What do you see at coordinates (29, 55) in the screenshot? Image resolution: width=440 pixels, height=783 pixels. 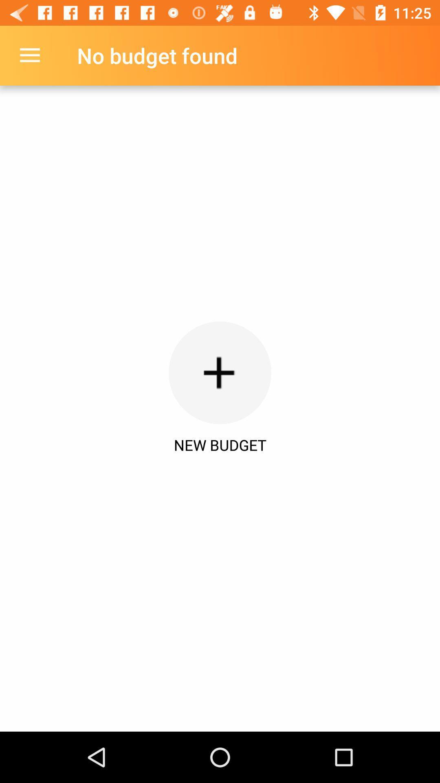 I see `icon to the left of no budget found icon` at bounding box center [29, 55].